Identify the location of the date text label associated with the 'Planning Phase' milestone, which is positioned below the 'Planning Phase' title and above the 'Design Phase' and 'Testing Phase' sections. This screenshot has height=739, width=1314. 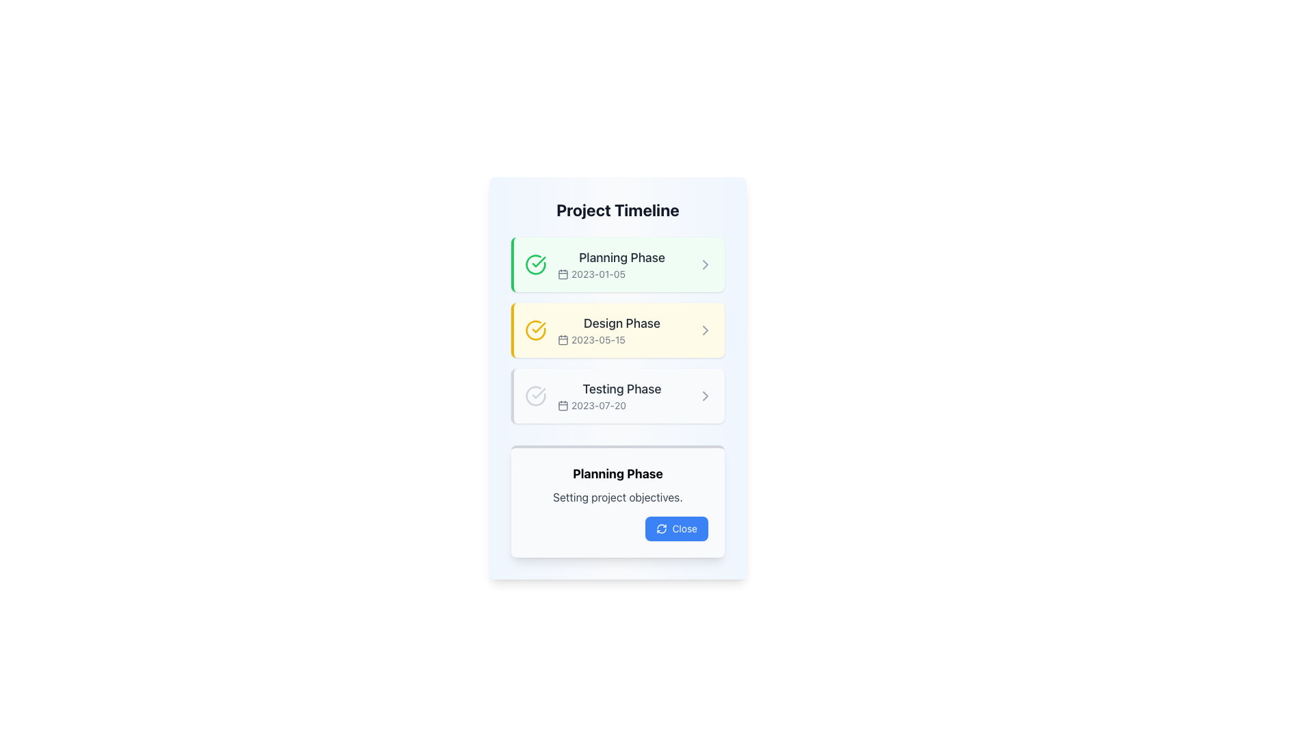
(621, 274).